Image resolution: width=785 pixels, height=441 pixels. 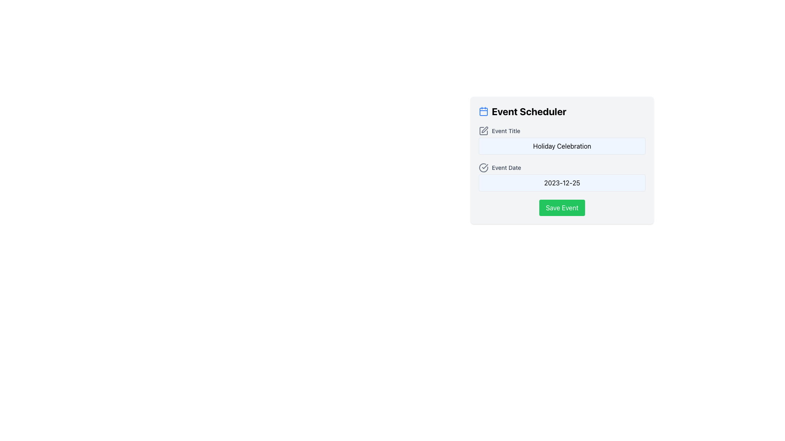 What do you see at coordinates (483, 130) in the screenshot?
I see `the edit icon located to the left of the 'Event Title' text input box in the event scheduler section for interaction` at bounding box center [483, 130].